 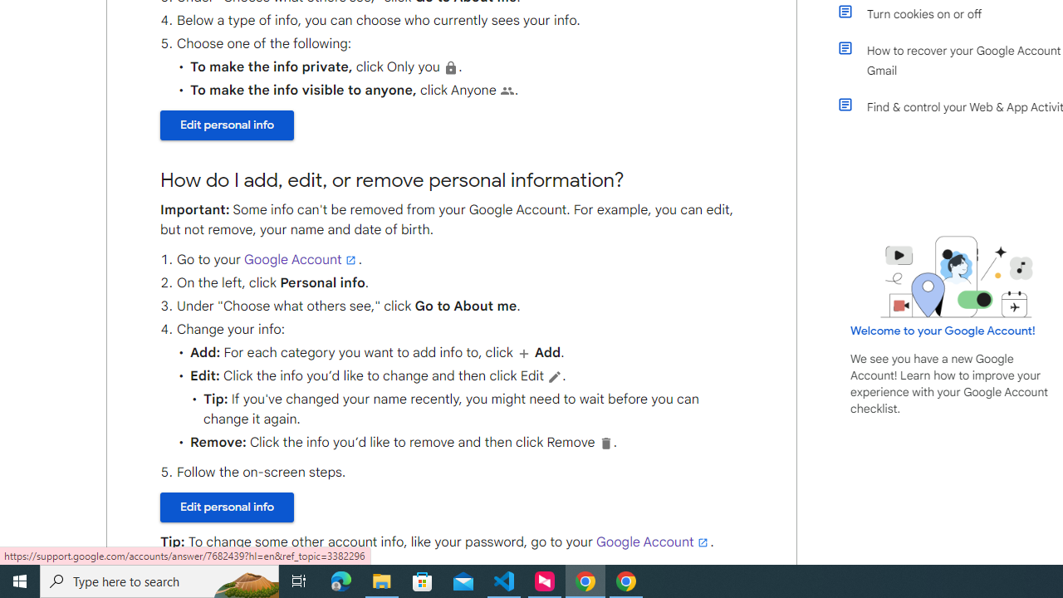 I want to click on 'Welcome to your Google Account!', so click(x=943, y=330).